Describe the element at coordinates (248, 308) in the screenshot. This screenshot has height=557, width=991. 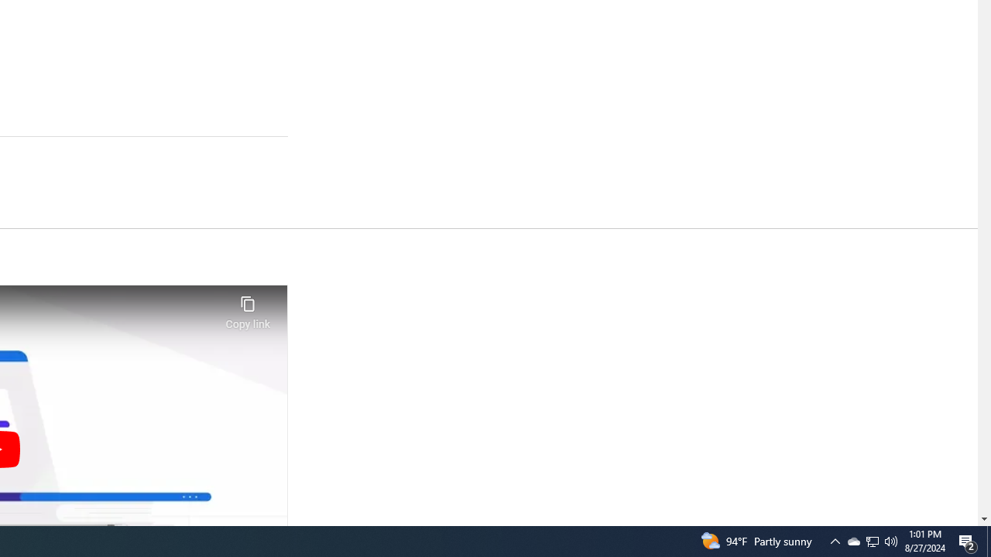
I see `'Copy link'` at that location.